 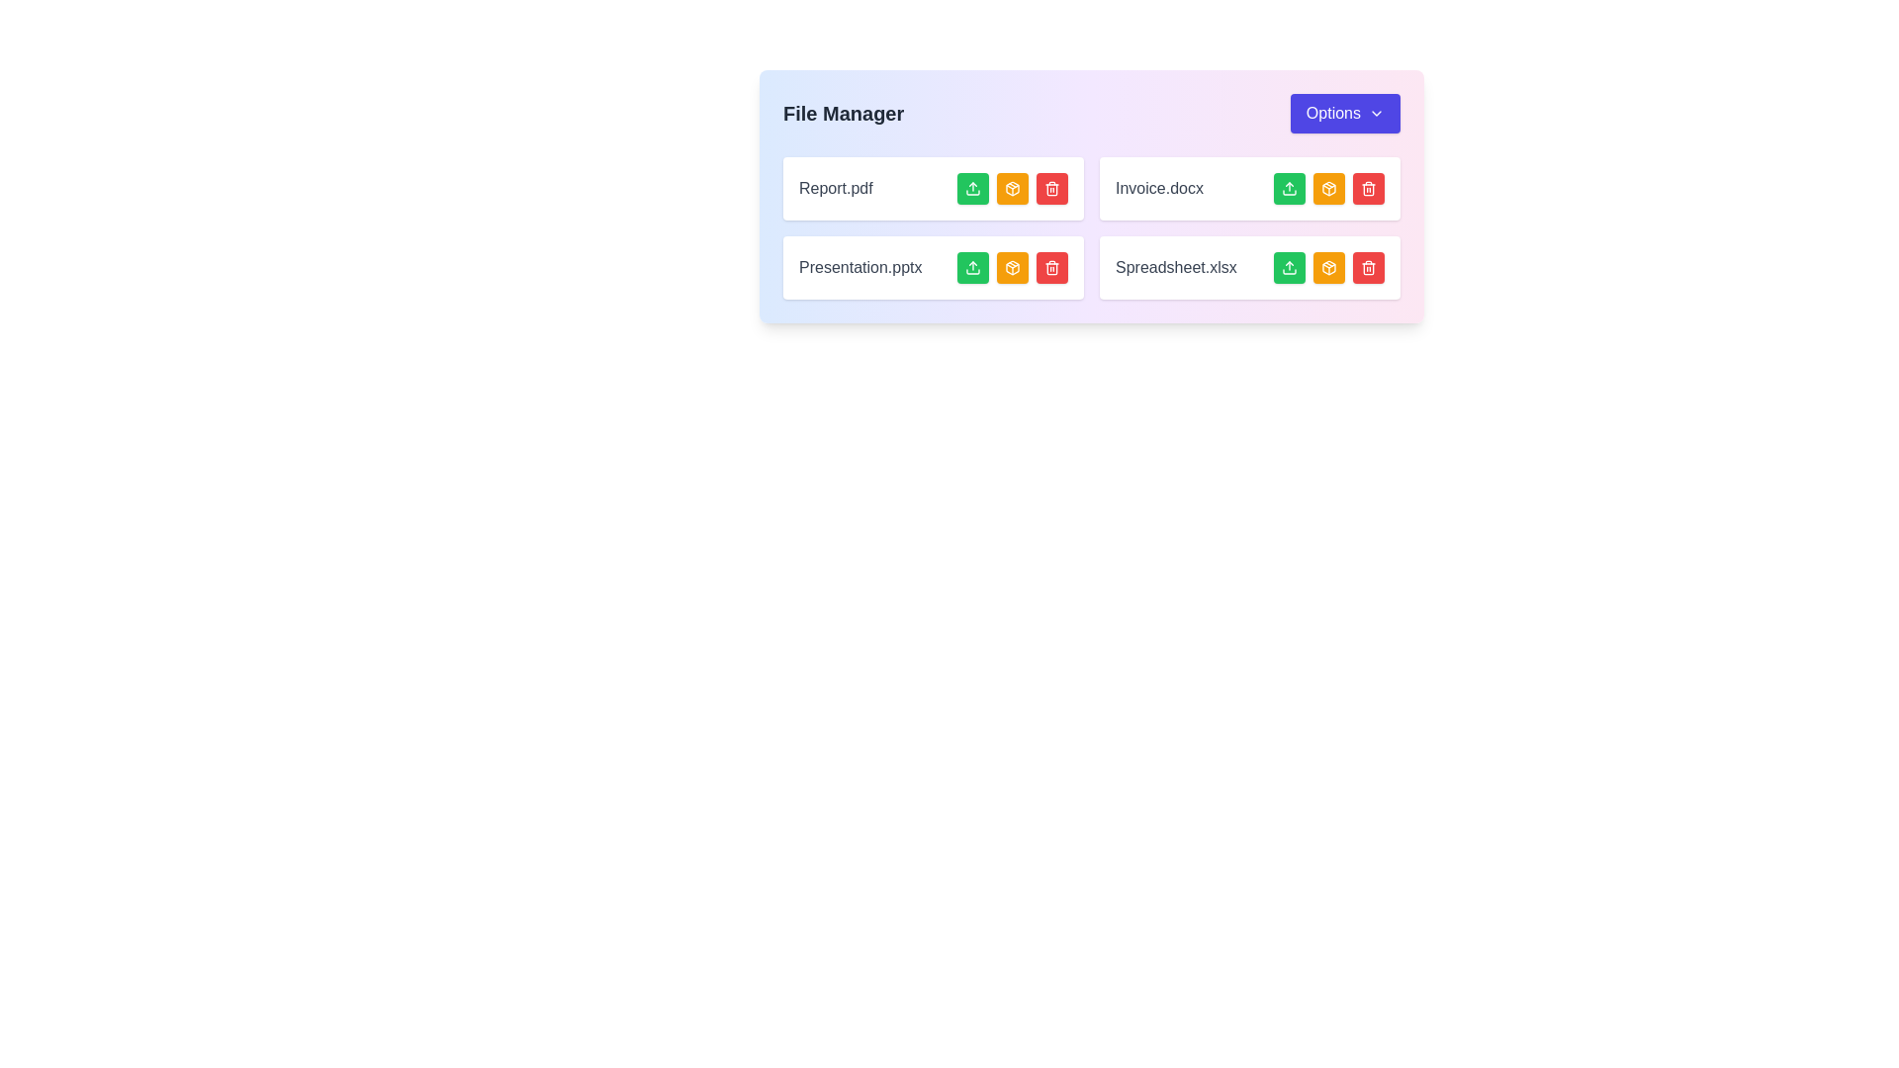 I want to click on the upload icon button in the second row of action items associated with the file 'Presentation.pptx', so click(x=972, y=267).